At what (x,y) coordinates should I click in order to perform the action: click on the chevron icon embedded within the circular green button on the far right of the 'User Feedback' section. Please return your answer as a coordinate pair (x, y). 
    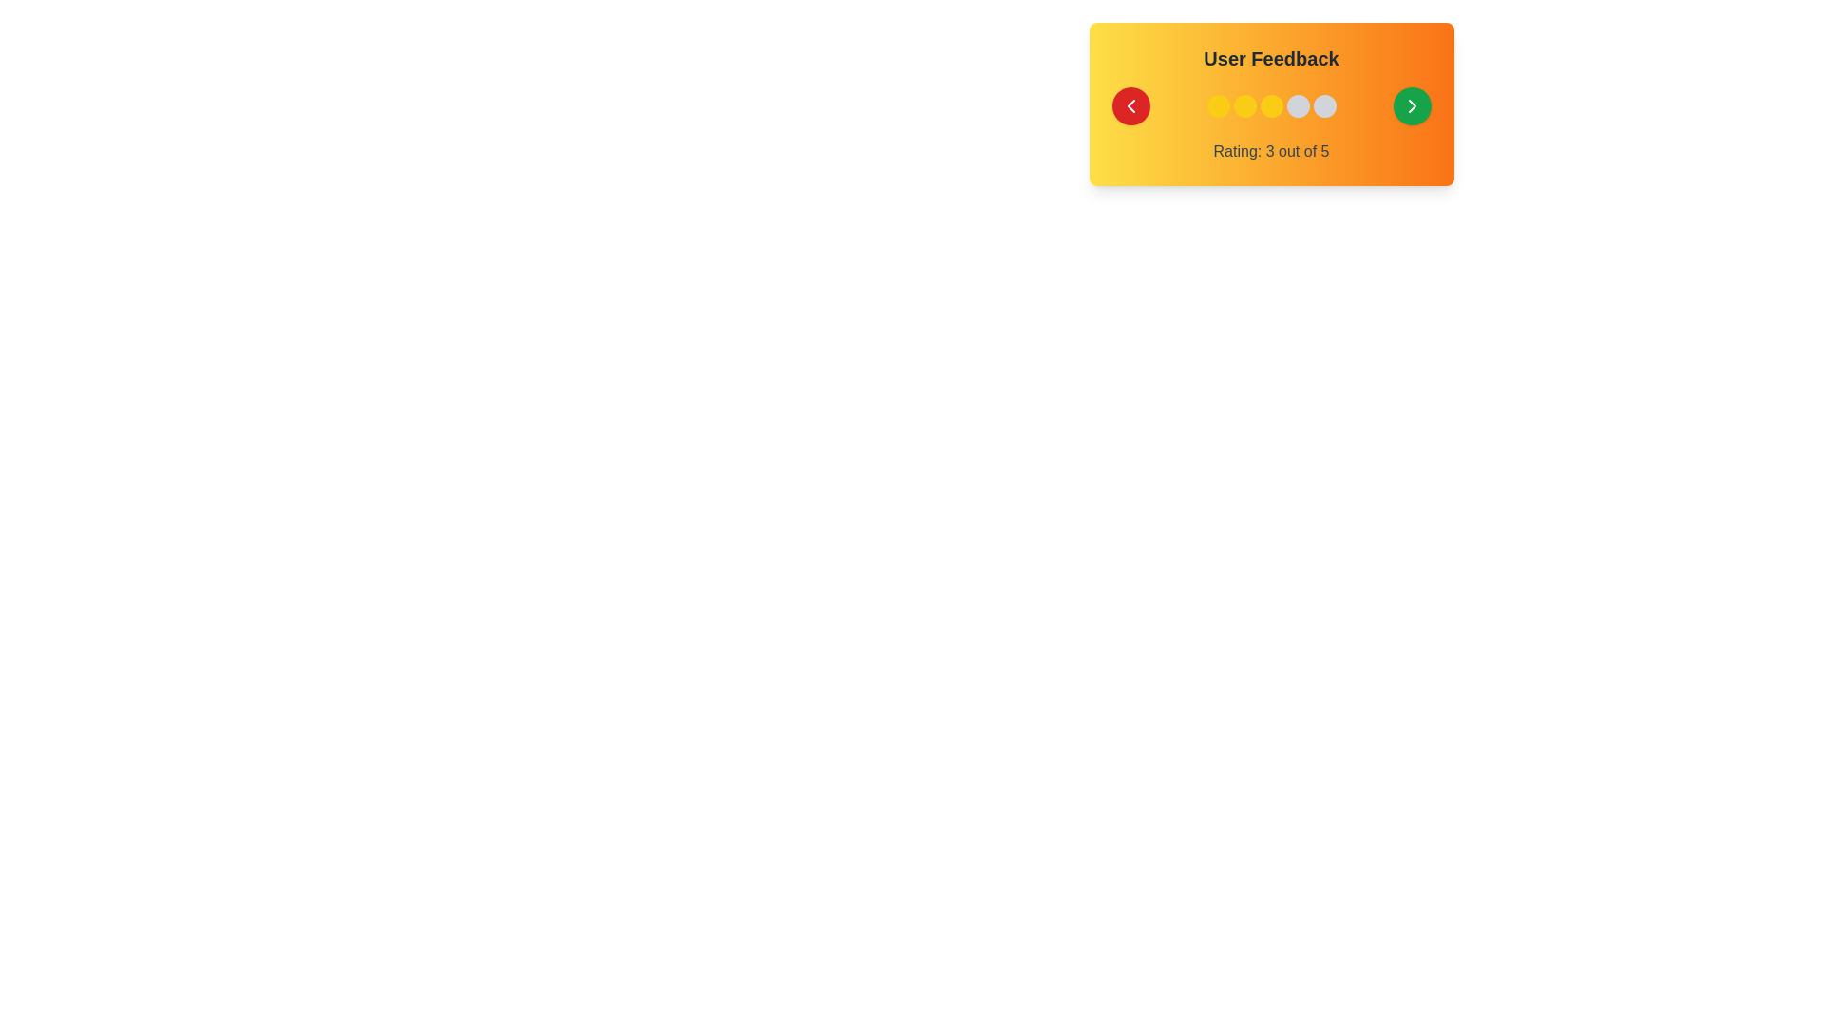
    Looking at the image, I should click on (1412, 105).